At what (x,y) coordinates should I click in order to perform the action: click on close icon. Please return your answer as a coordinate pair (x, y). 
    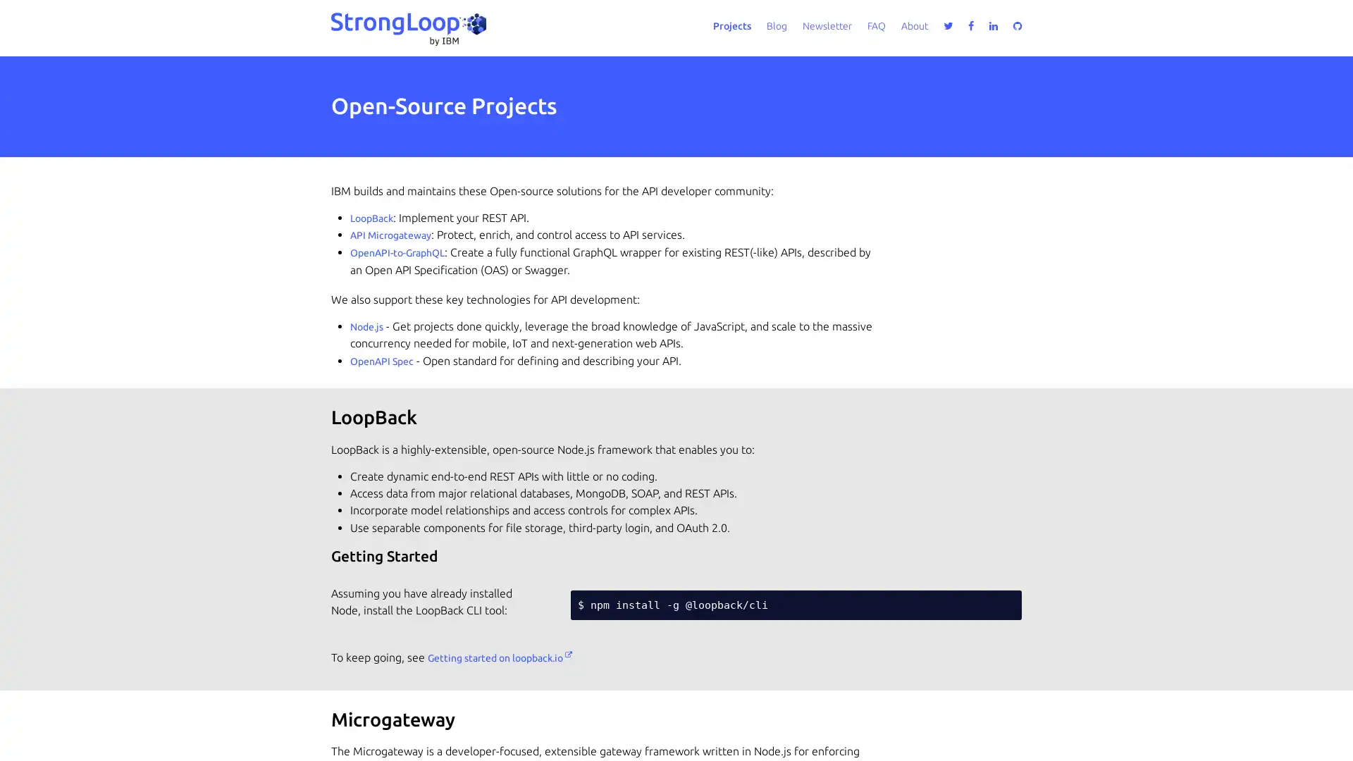
    Looking at the image, I should click on (1342, 654).